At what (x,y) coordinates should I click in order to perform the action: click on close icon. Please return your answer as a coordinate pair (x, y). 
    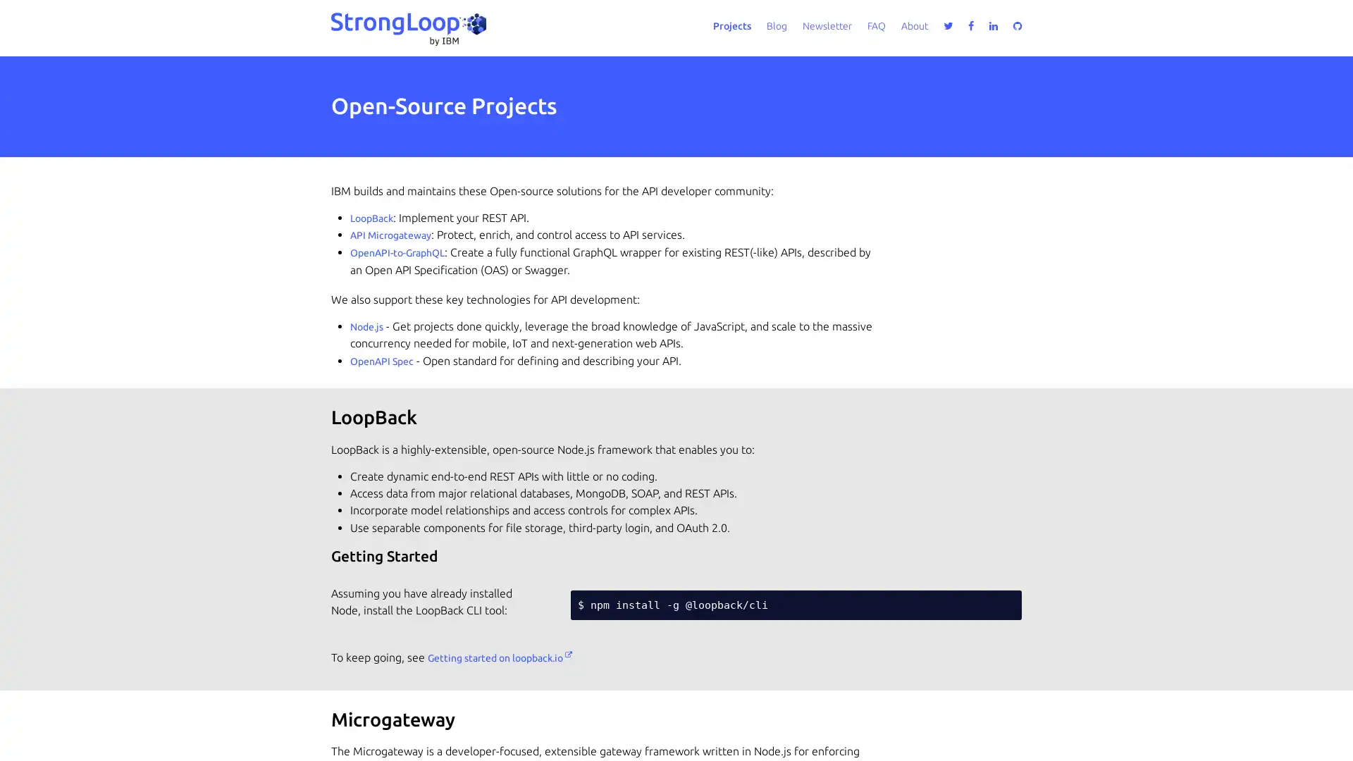
    Looking at the image, I should click on (1342, 654).